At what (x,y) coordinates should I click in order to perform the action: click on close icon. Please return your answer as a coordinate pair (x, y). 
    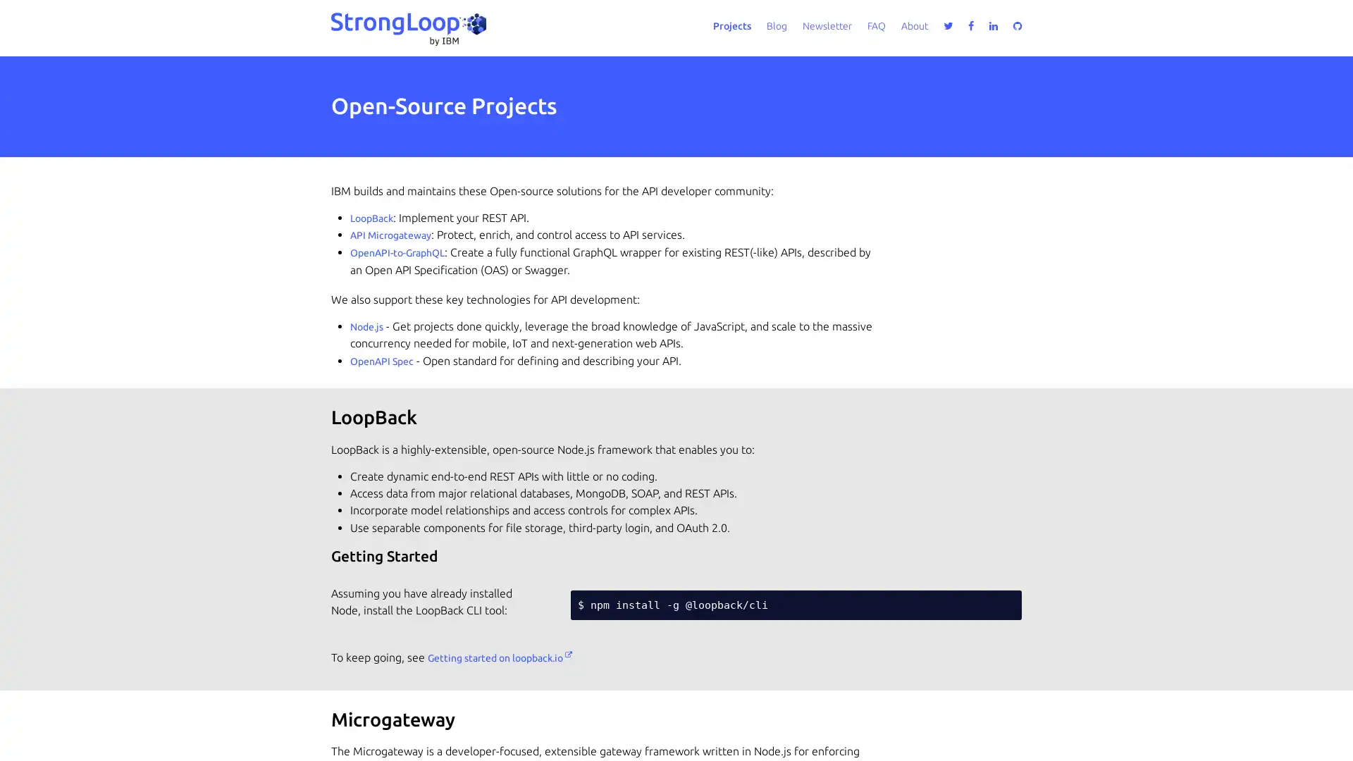
    Looking at the image, I should click on (1342, 654).